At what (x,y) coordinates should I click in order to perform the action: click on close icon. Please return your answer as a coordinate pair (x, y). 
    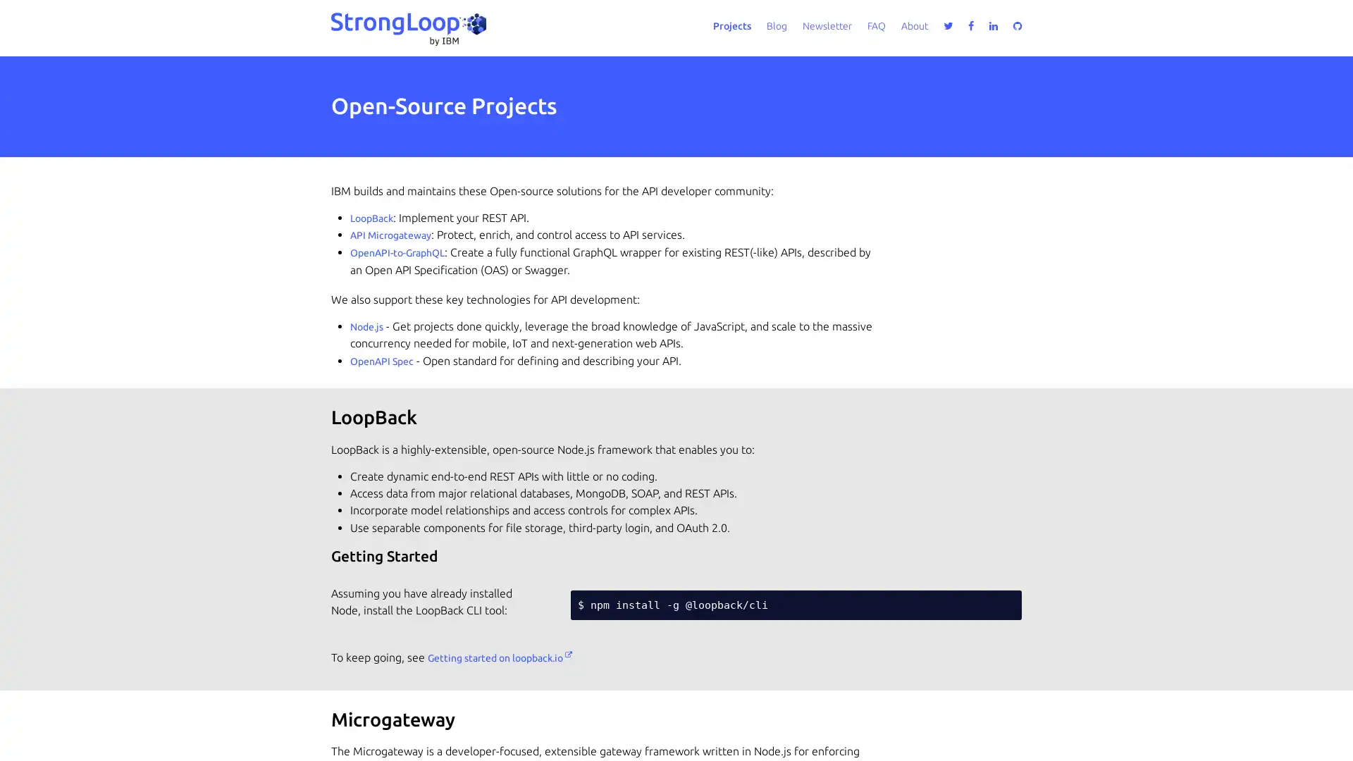
    Looking at the image, I should click on (1342, 654).